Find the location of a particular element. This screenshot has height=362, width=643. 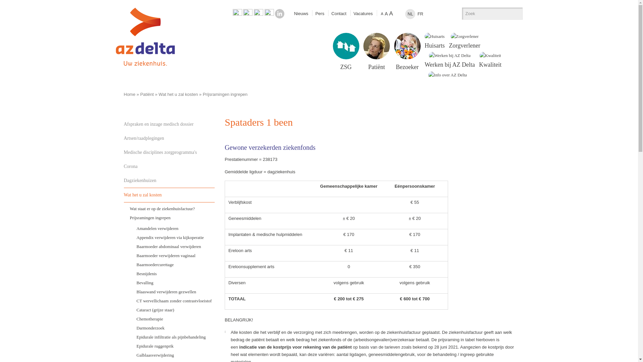

'Appendix verwijderen via kijkoperatie' is located at coordinates (130, 237).